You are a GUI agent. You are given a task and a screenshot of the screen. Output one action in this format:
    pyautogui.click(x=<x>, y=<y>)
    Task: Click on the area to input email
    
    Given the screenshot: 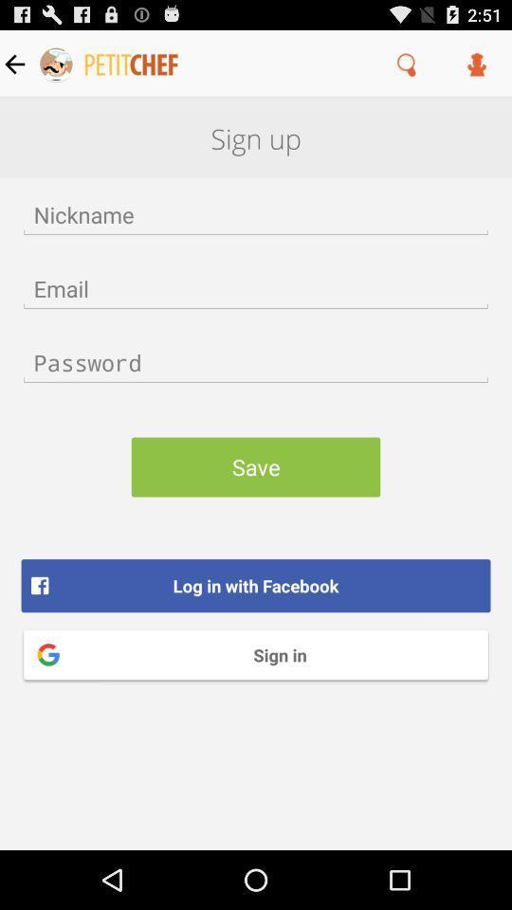 What is the action you would take?
    pyautogui.click(x=256, y=288)
    